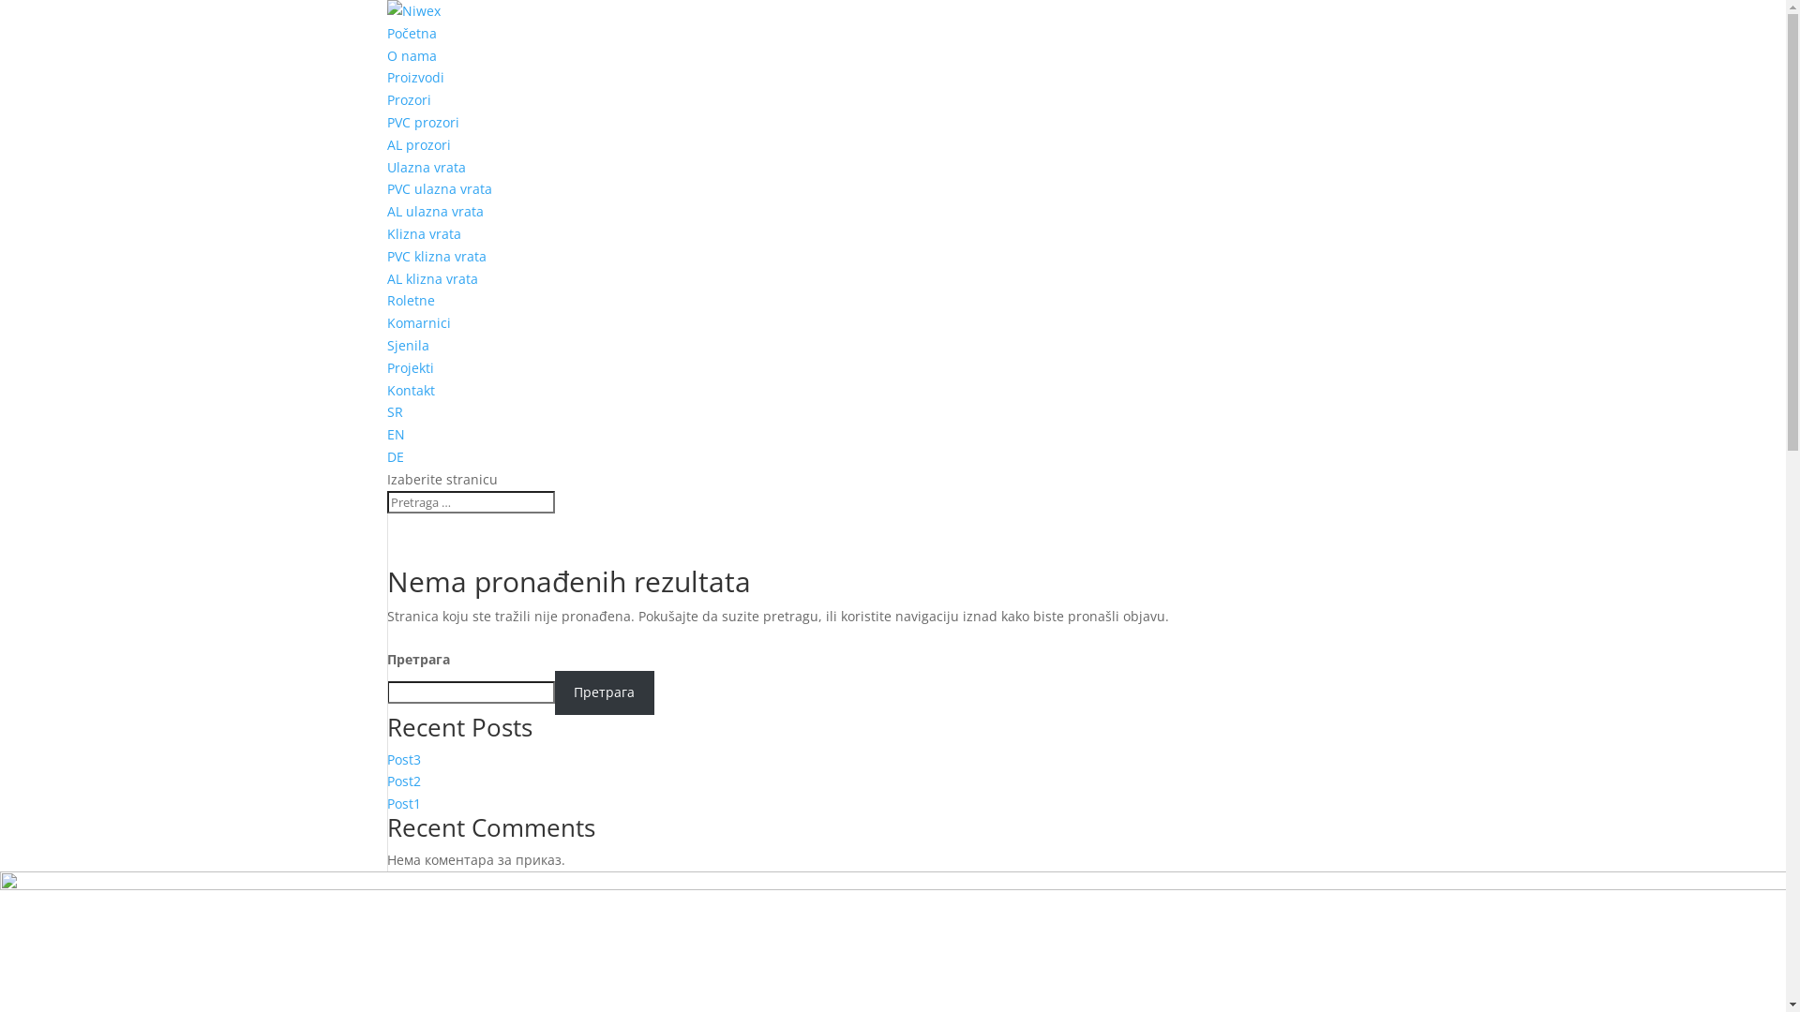  I want to click on 'Roletne', so click(409, 299).